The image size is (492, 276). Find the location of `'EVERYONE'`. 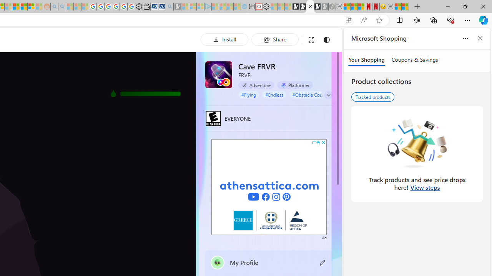

'EVERYONE' is located at coordinates (213, 118).